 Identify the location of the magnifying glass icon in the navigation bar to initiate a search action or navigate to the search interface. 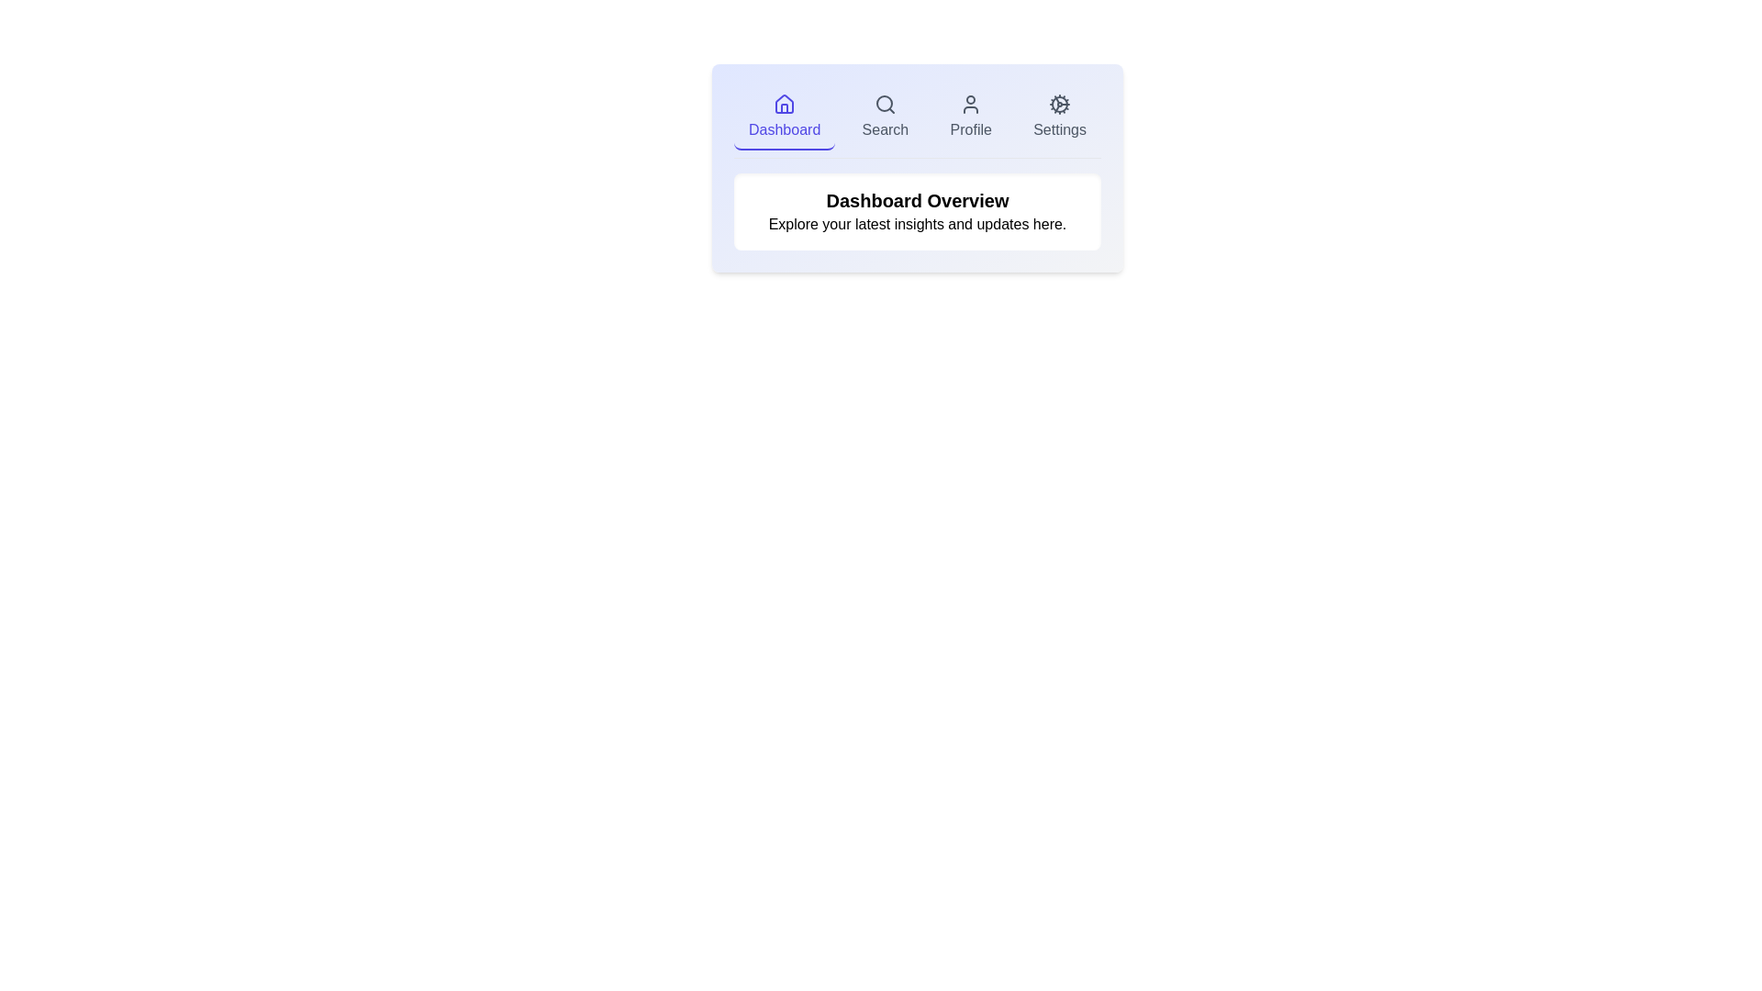
(885, 105).